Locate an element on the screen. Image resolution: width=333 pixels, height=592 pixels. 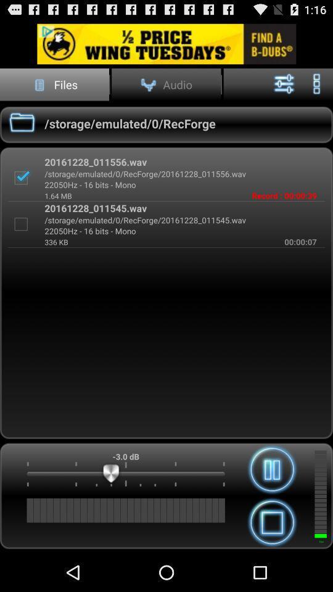
advertisement for b-dubs is located at coordinates (166, 44).